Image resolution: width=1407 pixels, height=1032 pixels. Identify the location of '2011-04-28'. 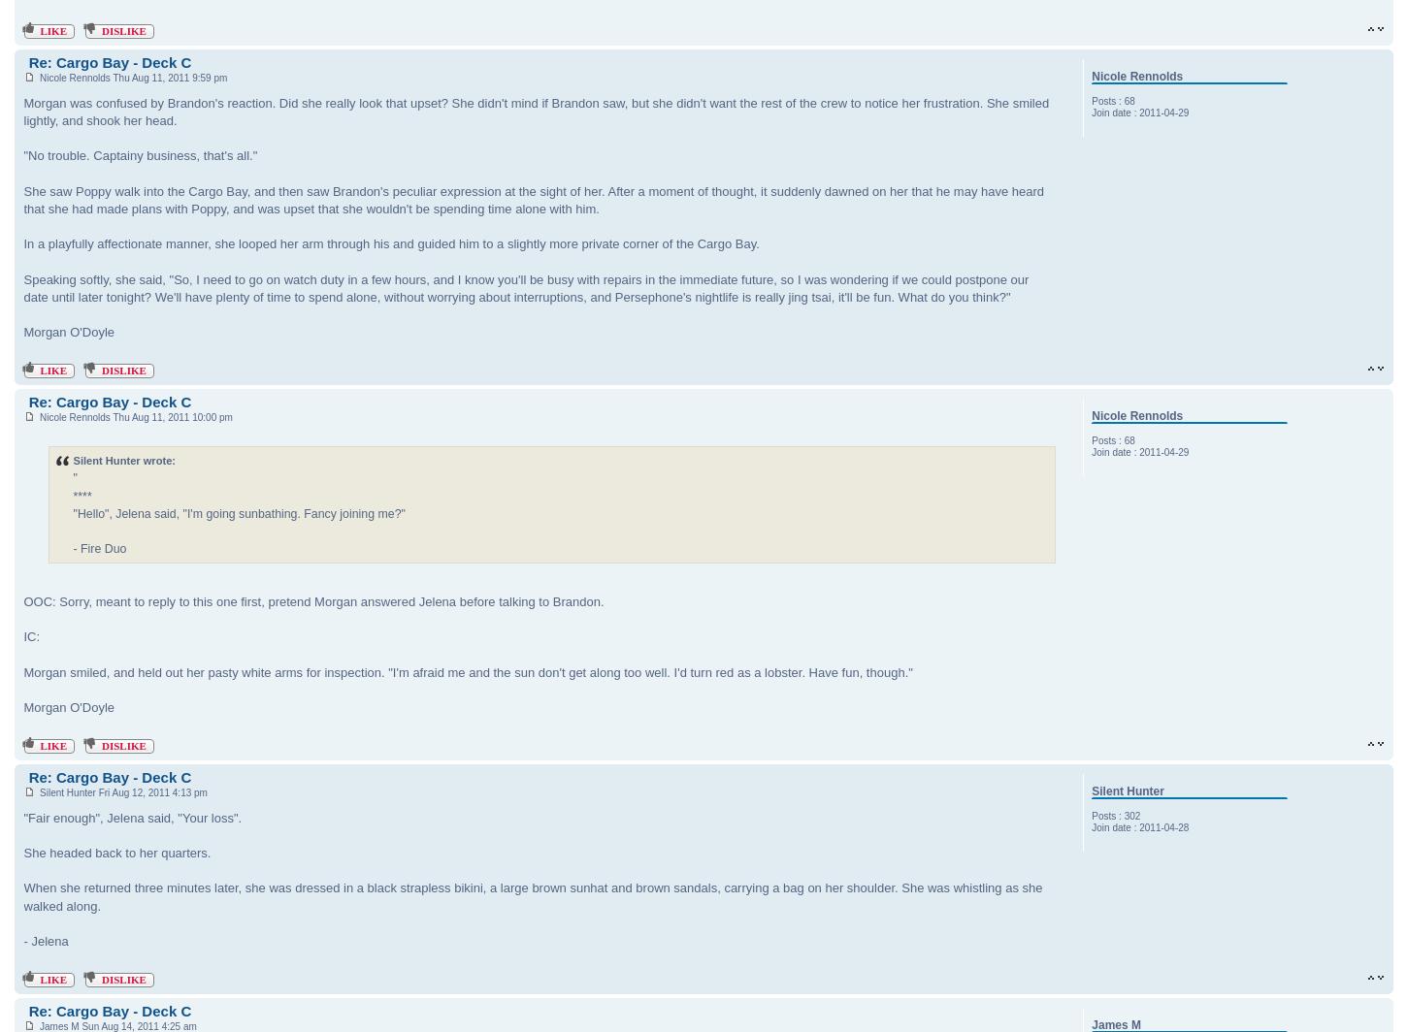
(1162, 826).